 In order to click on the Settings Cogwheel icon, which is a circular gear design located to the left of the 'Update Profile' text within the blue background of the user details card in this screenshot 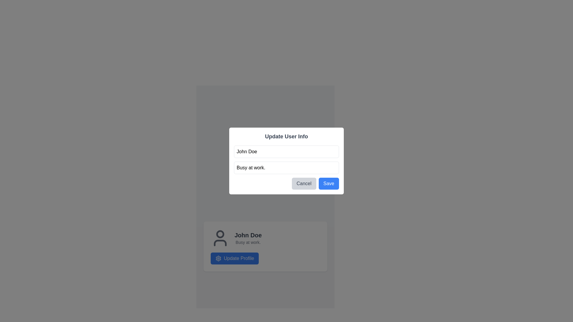, I will do `click(218, 258)`.